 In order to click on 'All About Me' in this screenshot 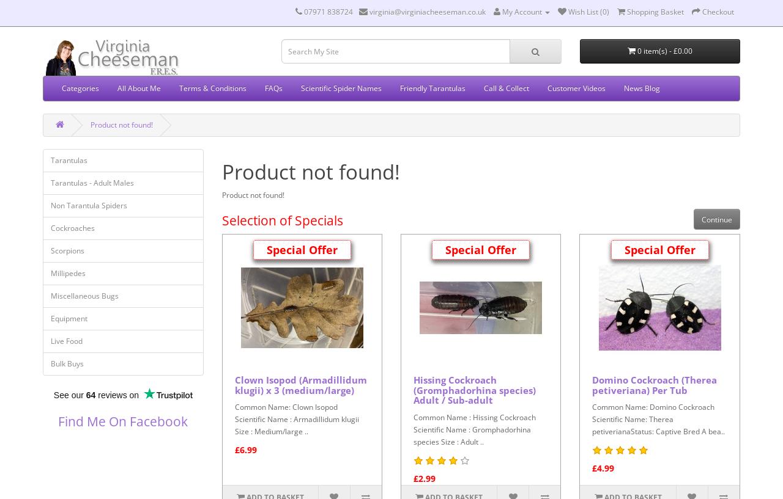, I will do `click(139, 88)`.